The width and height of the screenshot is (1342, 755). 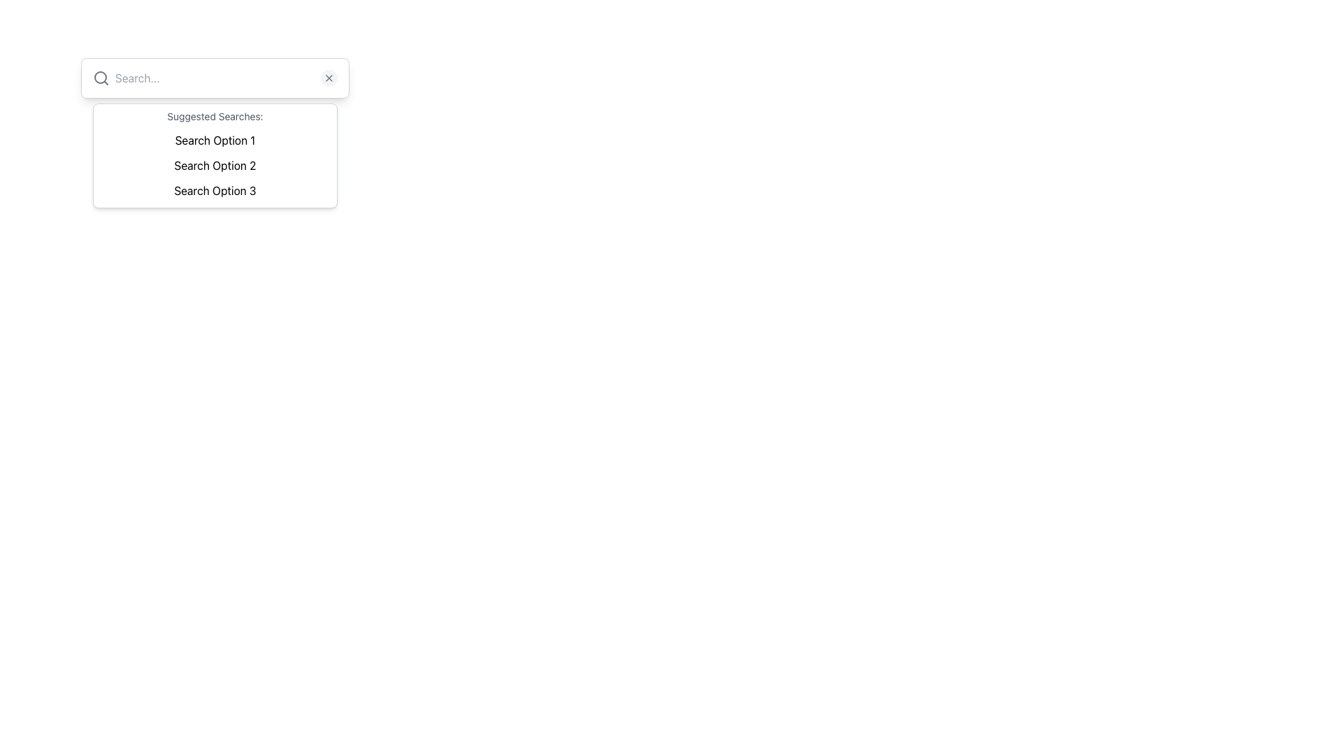 What do you see at coordinates (328, 78) in the screenshot?
I see `the circular button with a gray background and 'X' icon at the far right of the search bar to clear the search field` at bounding box center [328, 78].